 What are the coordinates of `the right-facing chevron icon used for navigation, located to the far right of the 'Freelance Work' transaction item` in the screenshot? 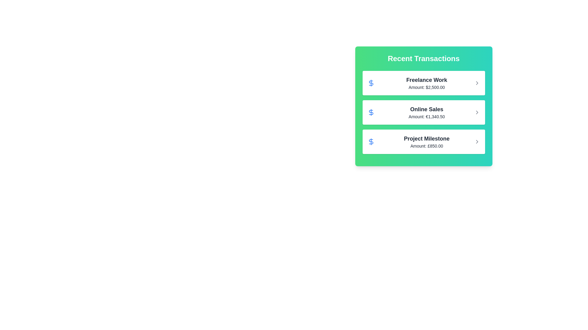 It's located at (477, 83).